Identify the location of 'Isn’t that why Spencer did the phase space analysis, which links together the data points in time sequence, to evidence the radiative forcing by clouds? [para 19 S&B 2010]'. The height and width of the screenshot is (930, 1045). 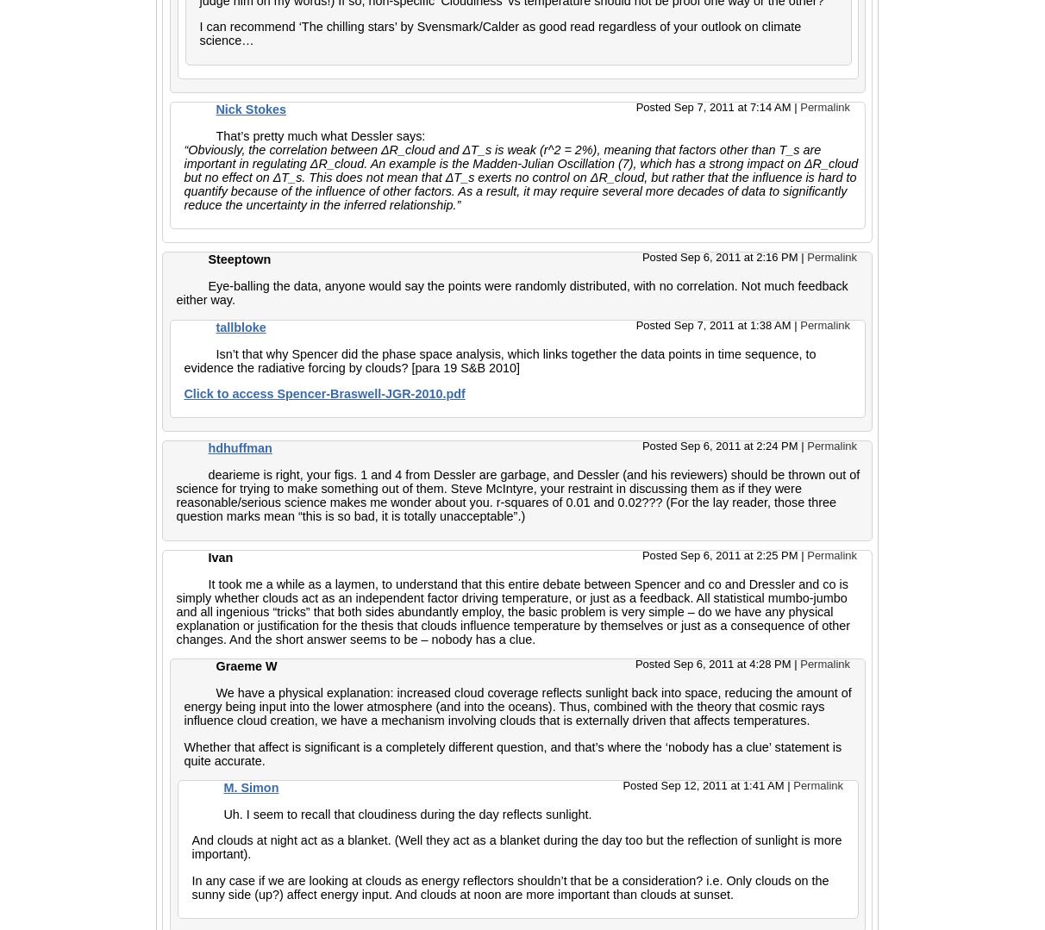
(499, 360).